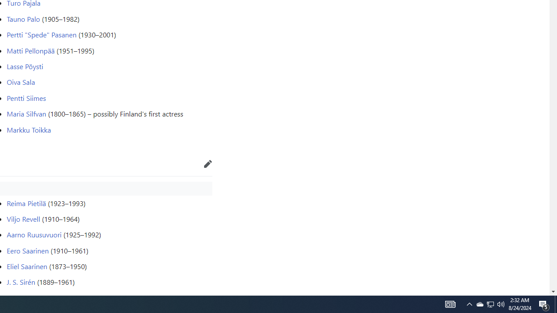  I want to click on 'Viljo Revell', so click(23, 218).